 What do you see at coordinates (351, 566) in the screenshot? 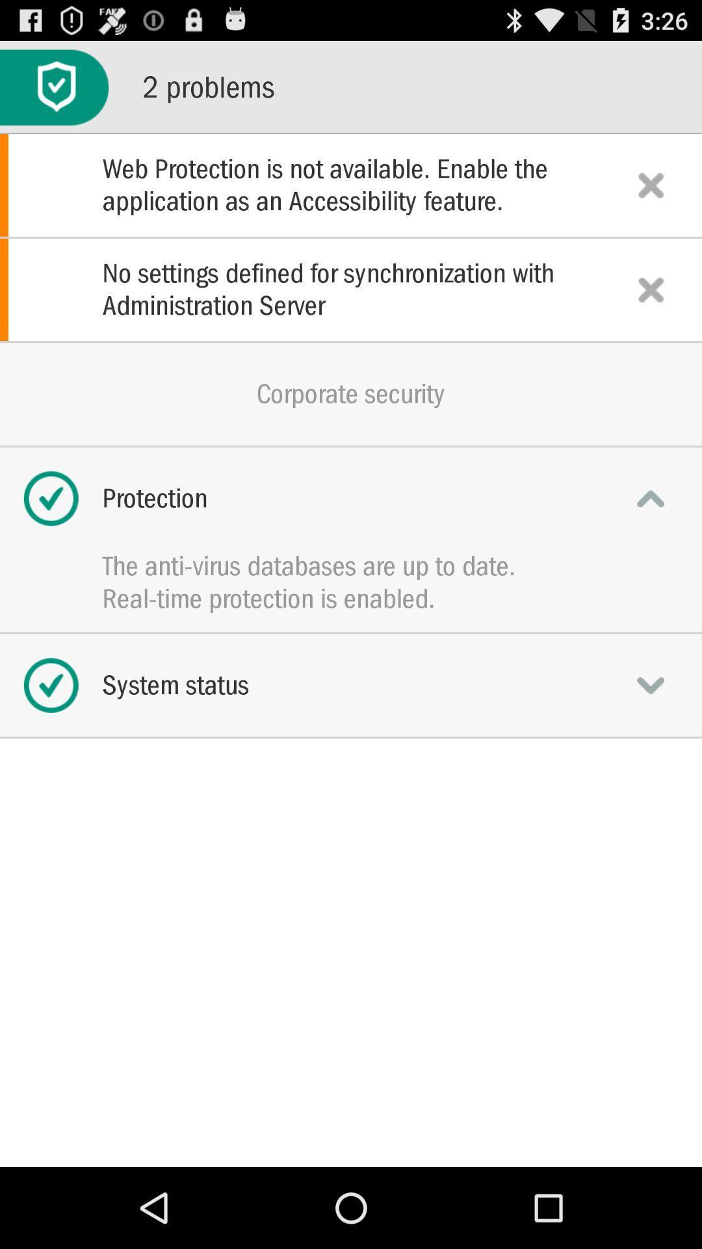
I see `the the anti virus app` at bounding box center [351, 566].